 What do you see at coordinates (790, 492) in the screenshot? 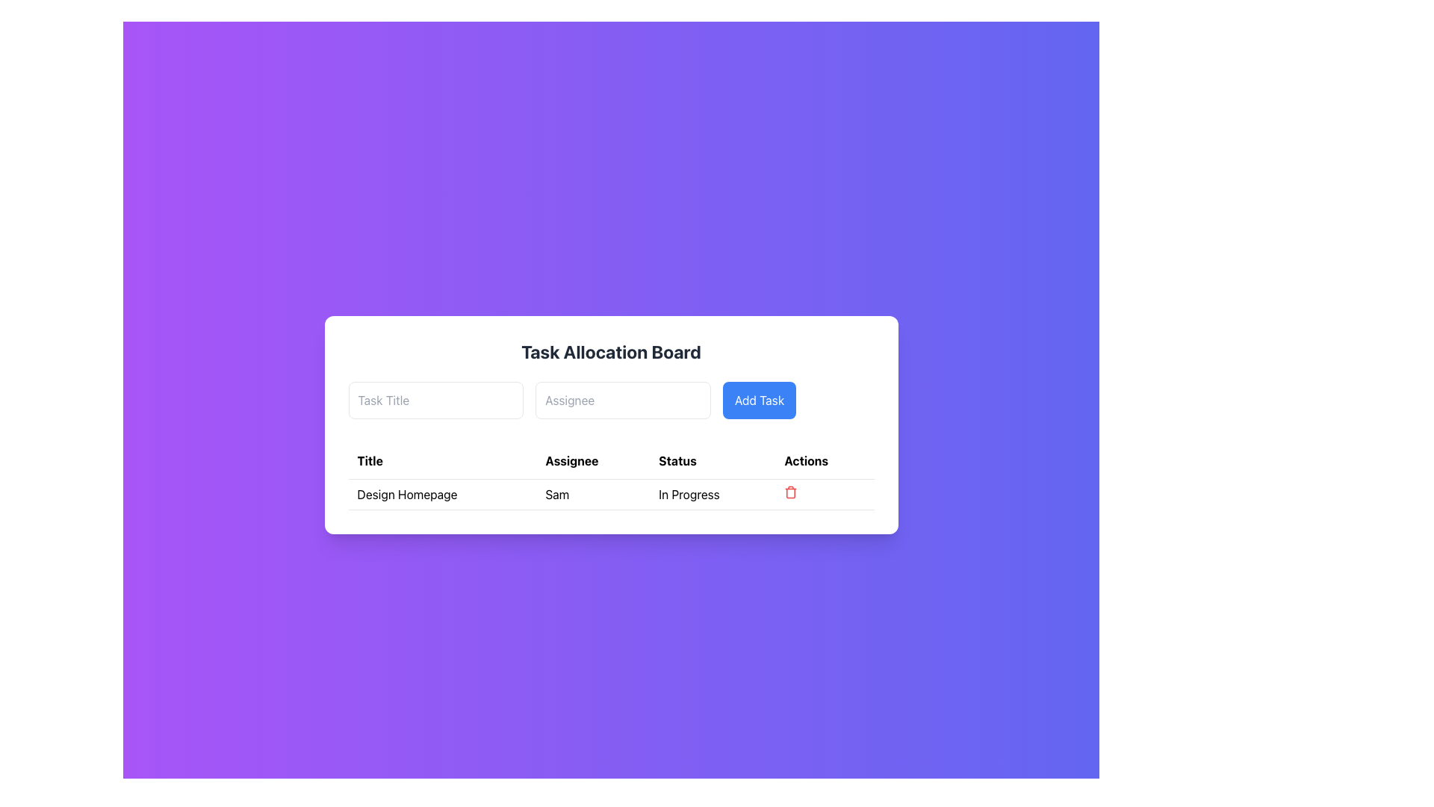
I see `the delete button located at the far-right of the task row in the Actions column` at bounding box center [790, 492].